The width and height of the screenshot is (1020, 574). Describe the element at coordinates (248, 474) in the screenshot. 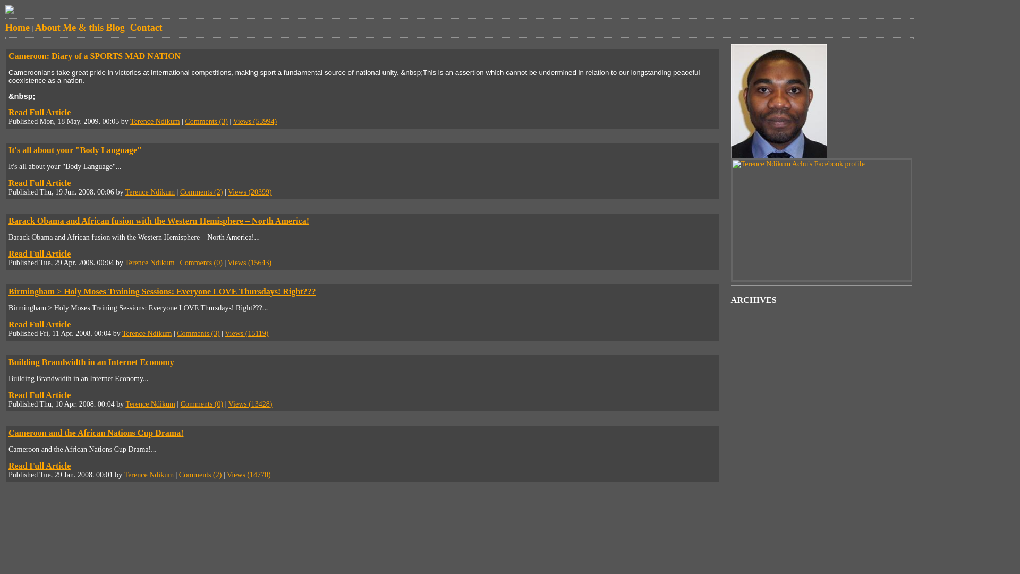

I see `'Views (14770)'` at that location.